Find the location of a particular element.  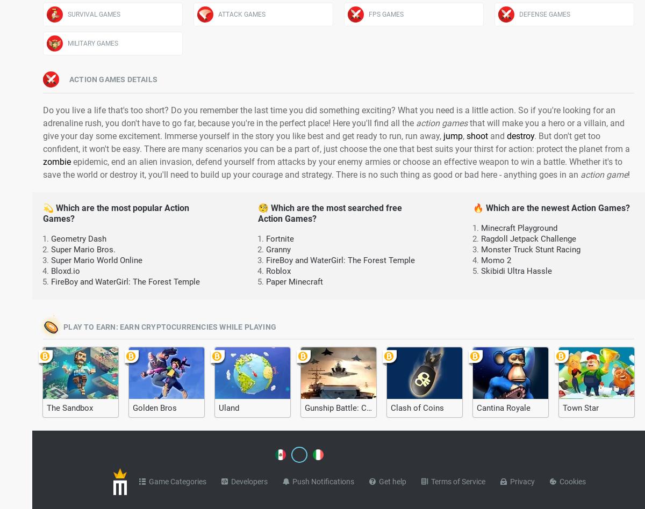

'Roblox' is located at coordinates (278, 271).